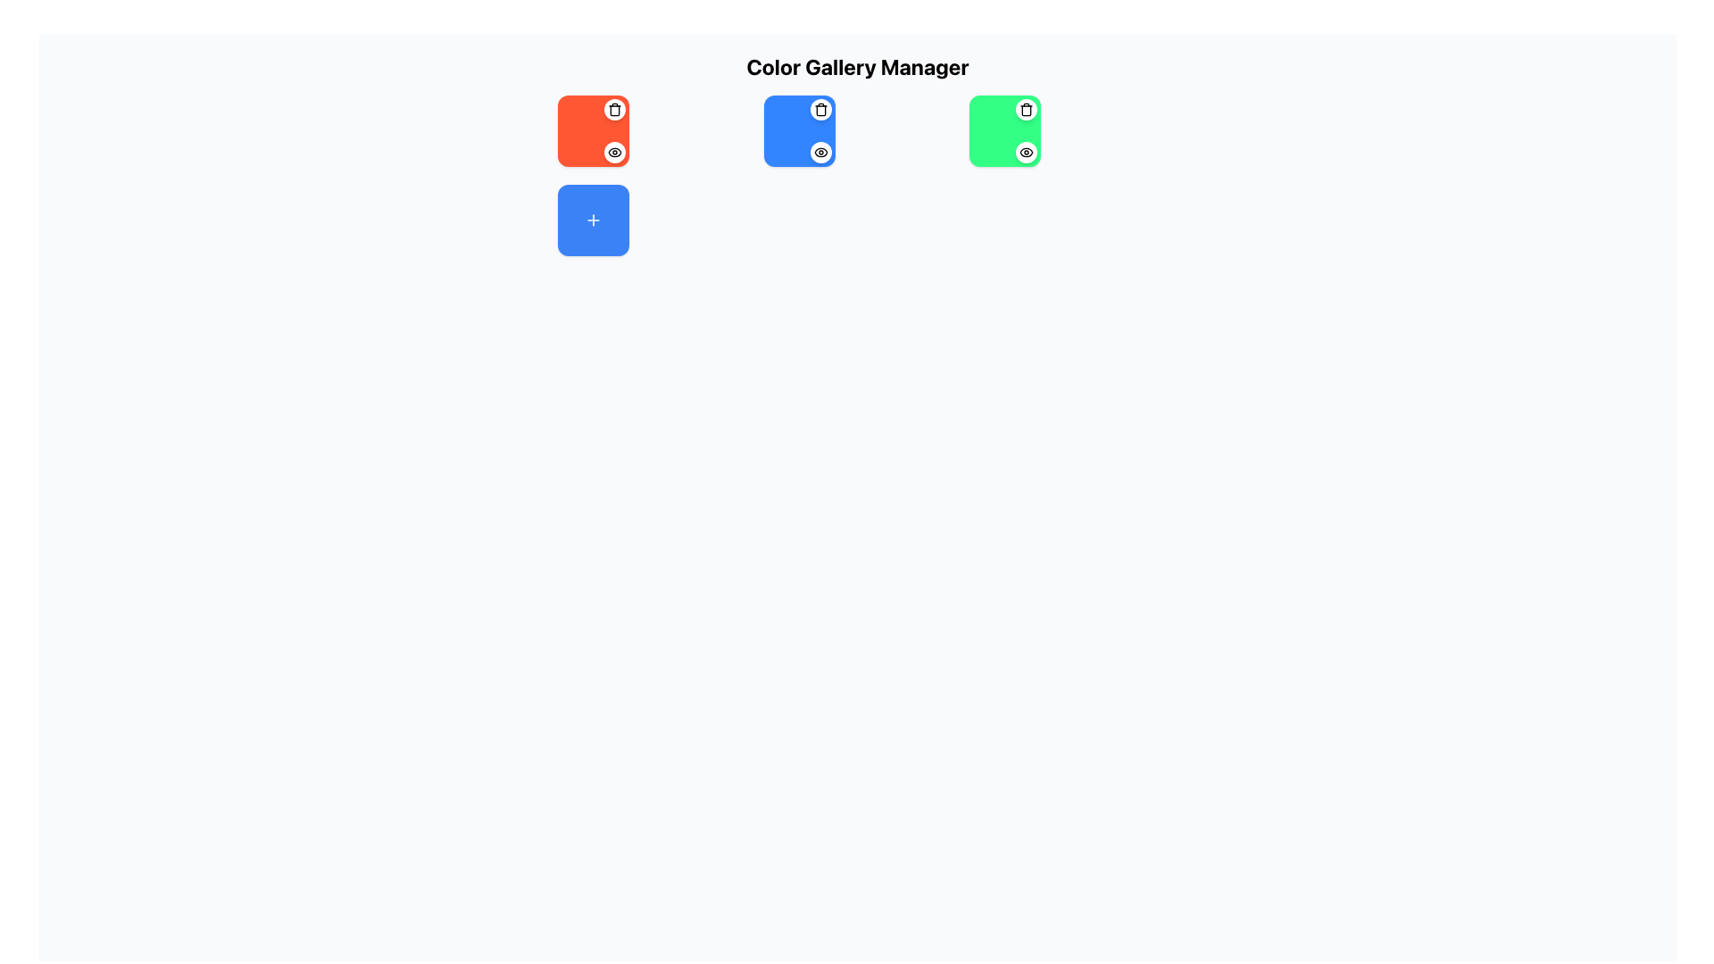 The image size is (1714, 964). I want to click on the delete icon button located at the top-right corner of a green square interface to initiate a delete action, so click(1027, 110).